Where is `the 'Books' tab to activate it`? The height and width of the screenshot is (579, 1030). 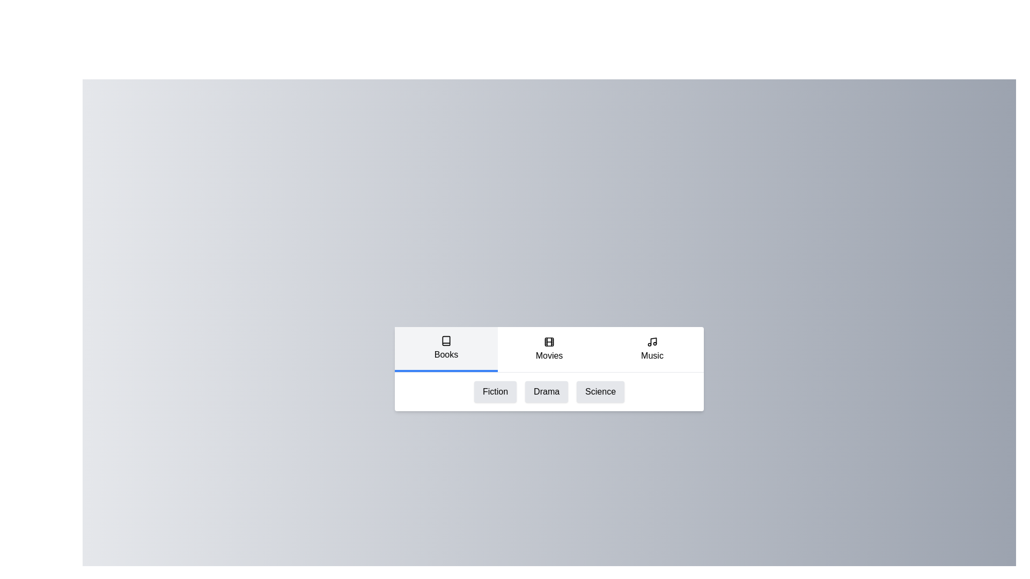 the 'Books' tab to activate it is located at coordinates (446, 349).